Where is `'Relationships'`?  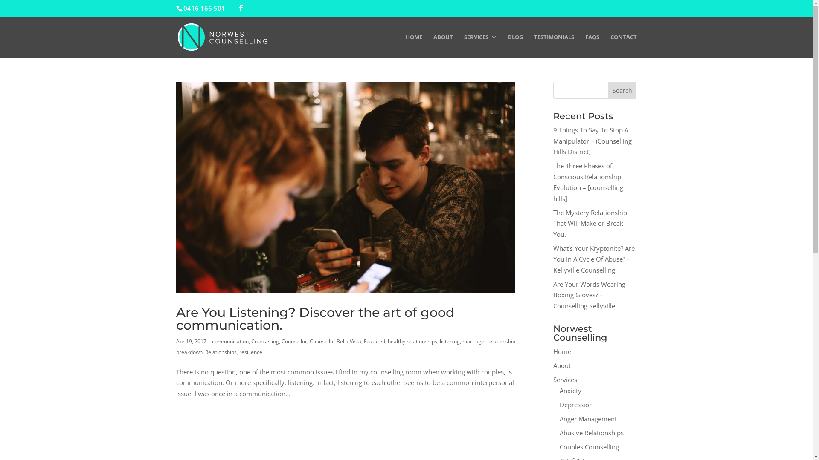
'Relationships' is located at coordinates (221, 352).